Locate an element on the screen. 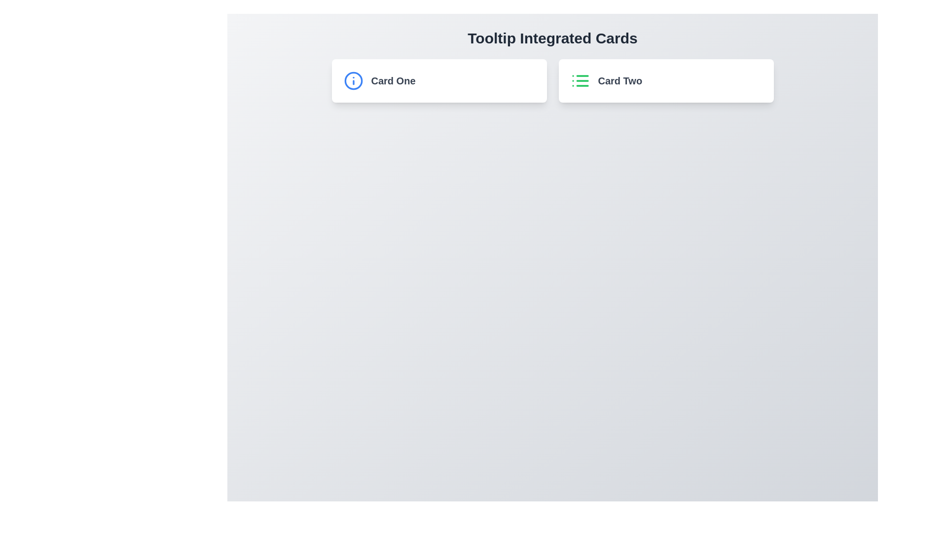  the 'Card Two' element, which is the second card in the horizontally aligned card section under 'Tooltip Integrated Cards' is located at coordinates (666, 80).